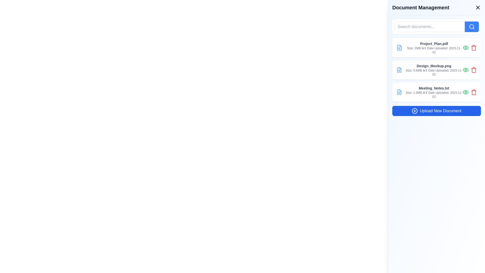 The width and height of the screenshot is (485, 273). I want to click on the search button located at the top-right of the white search bar widget, which has a blue background and a magnifying glass icon, so click(471, 27).